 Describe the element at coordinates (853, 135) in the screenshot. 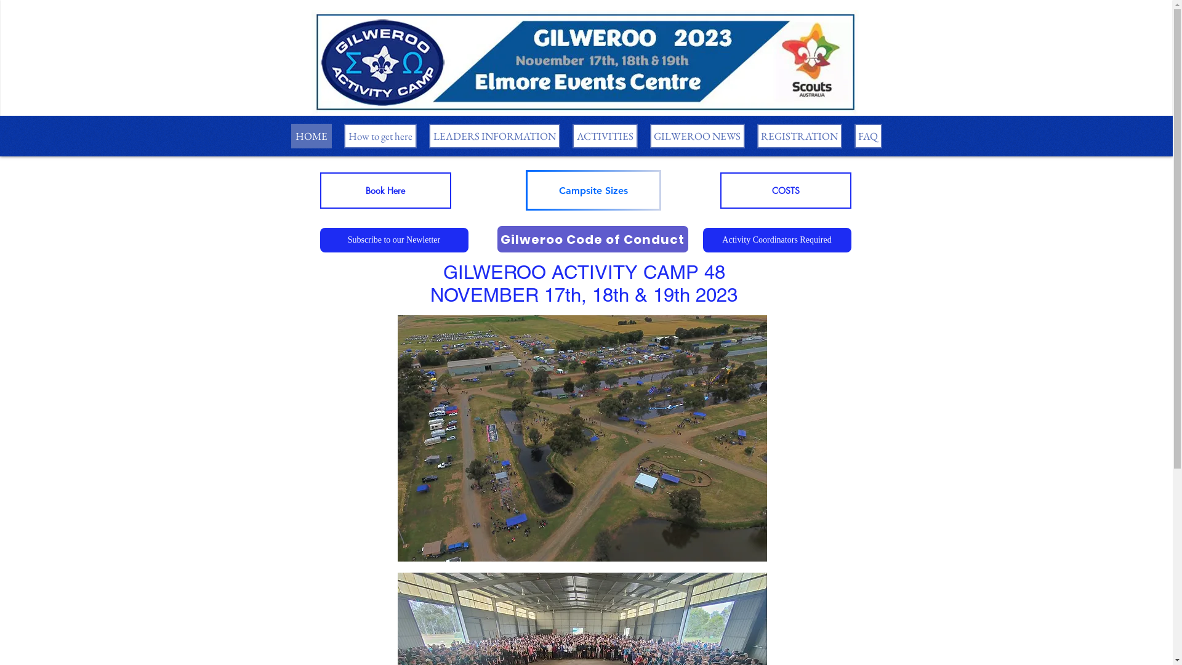

I see `'FAQ'` at that location.